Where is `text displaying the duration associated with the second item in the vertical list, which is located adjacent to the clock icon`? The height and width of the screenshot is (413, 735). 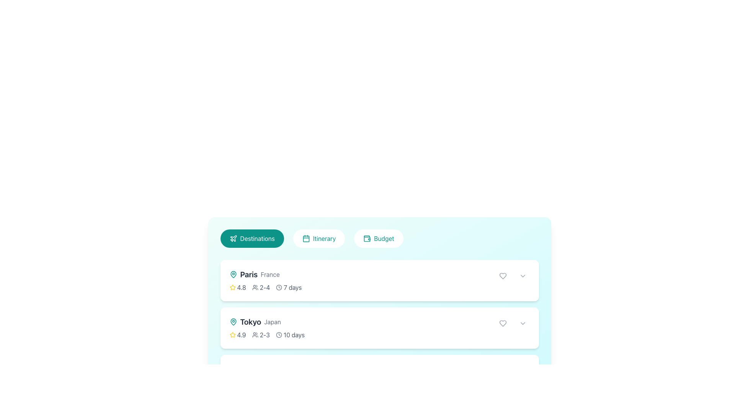
text displaying the duration associated with the second item in the vertical list, which is located adjacent to the clock icon is located at coordinates (294, 334).